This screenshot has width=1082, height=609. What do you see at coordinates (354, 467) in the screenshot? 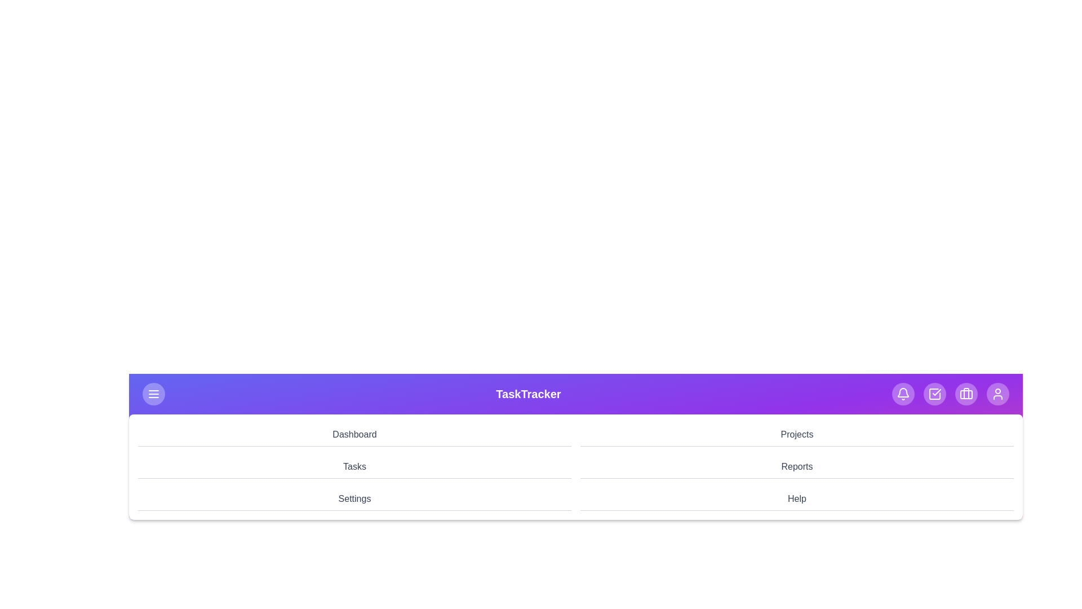
I see `the navigation menu item Tasks` at bounding box center [354, 467].